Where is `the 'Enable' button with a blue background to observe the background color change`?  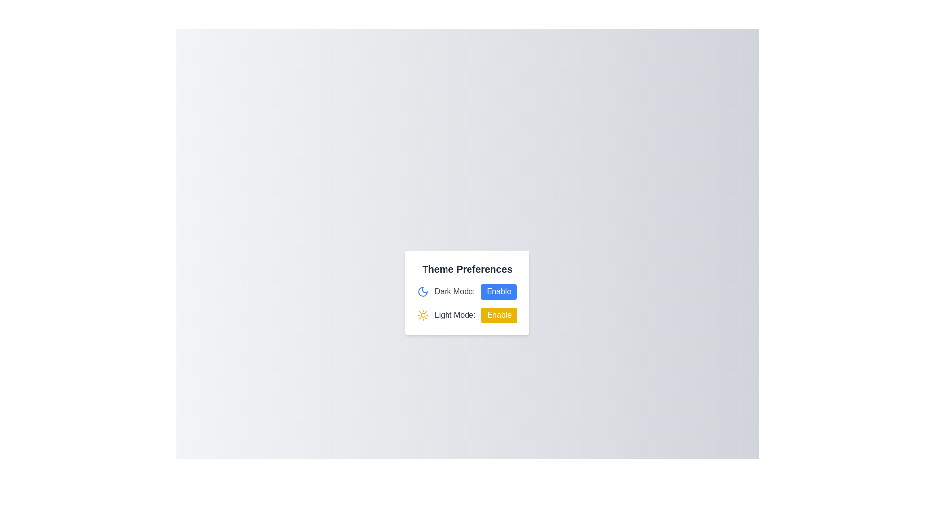 the 'Enable' button with a blue background to observe the background color change is located at coordinates (499, 291).